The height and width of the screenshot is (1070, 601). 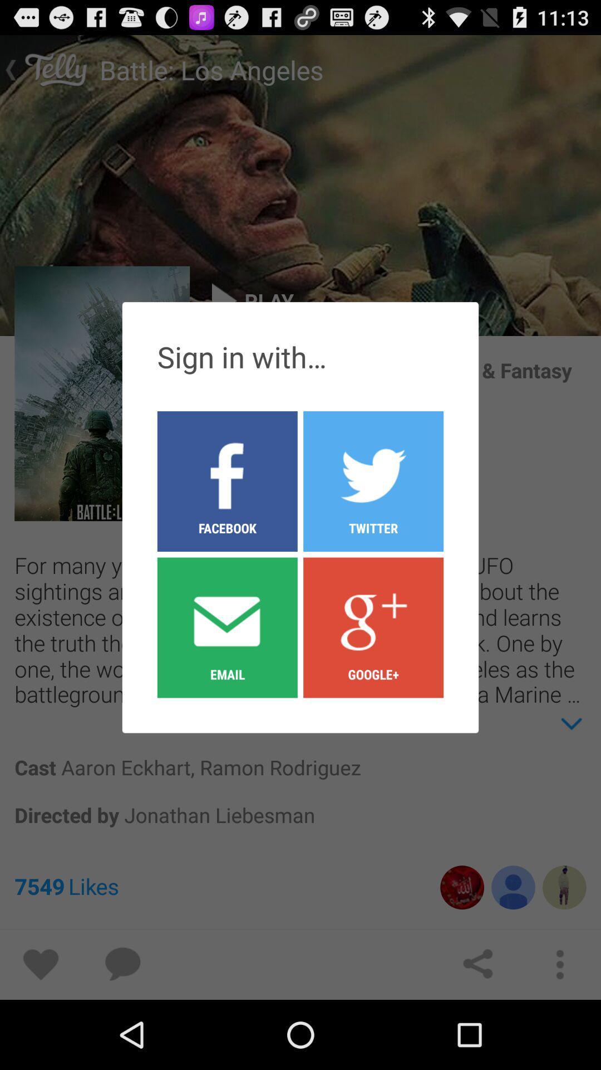 I want to click on the icon next to twitter item, so click(x=226, y=481).